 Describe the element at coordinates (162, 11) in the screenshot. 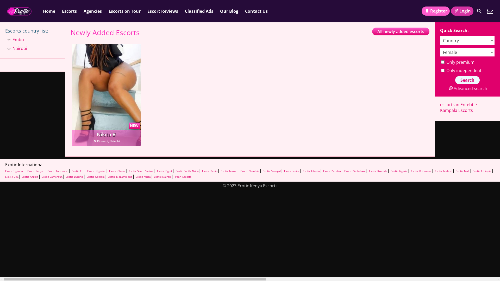

I see `'Escort Reviews'` at that location.